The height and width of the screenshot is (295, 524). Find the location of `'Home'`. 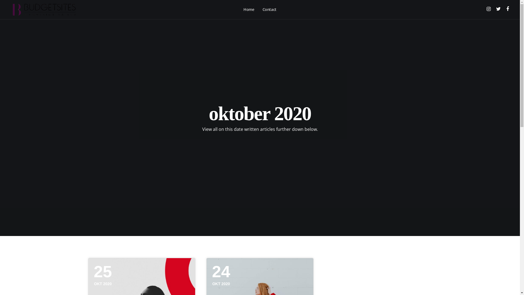

'Home' is located at coordinates (248, 9).